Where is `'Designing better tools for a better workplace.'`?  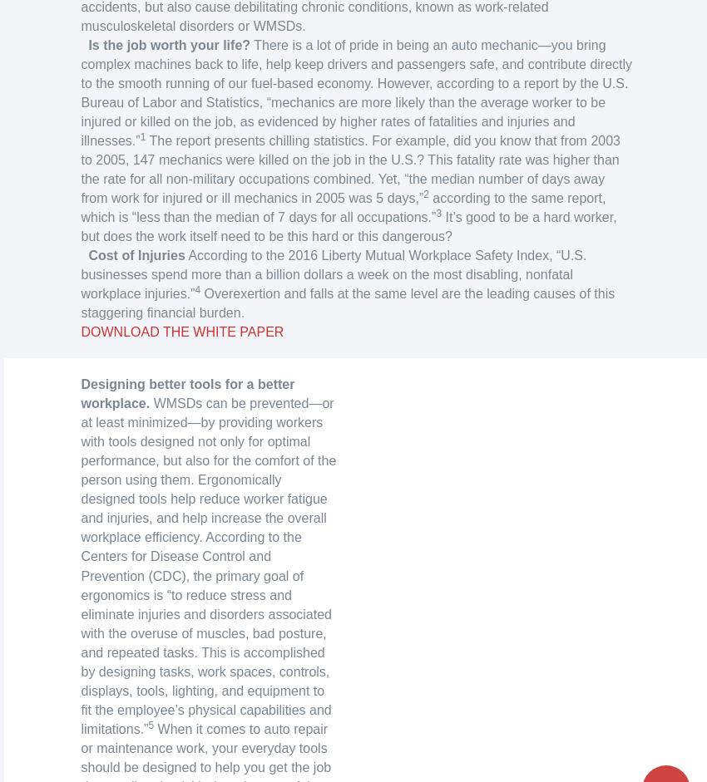 'Designing better tools for a better workplace.' is located at coordinates (187, 392).